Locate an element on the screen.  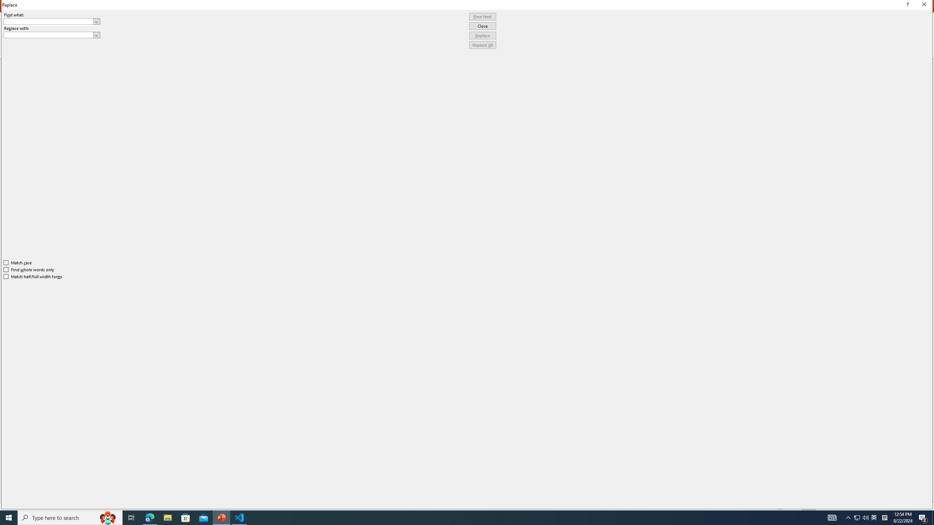
'Find whole words only' is located at coordinates (29, 269).